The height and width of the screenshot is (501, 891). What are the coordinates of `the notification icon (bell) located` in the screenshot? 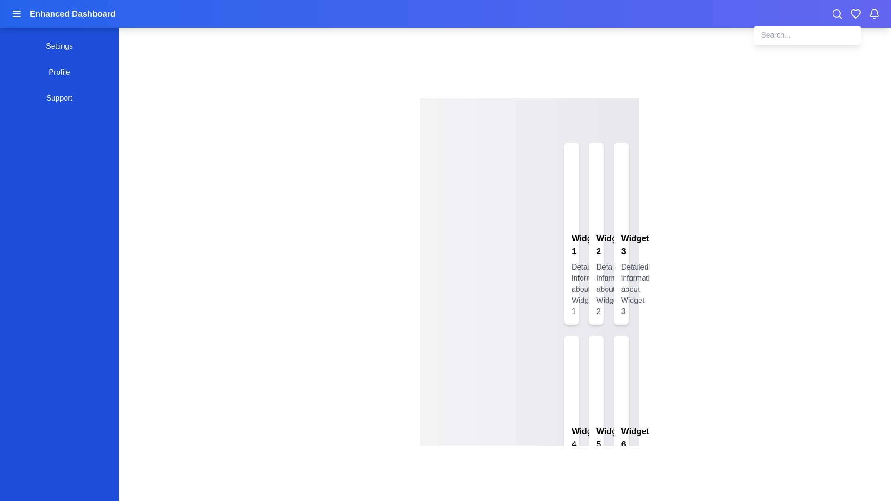 It's located at (873, 14).